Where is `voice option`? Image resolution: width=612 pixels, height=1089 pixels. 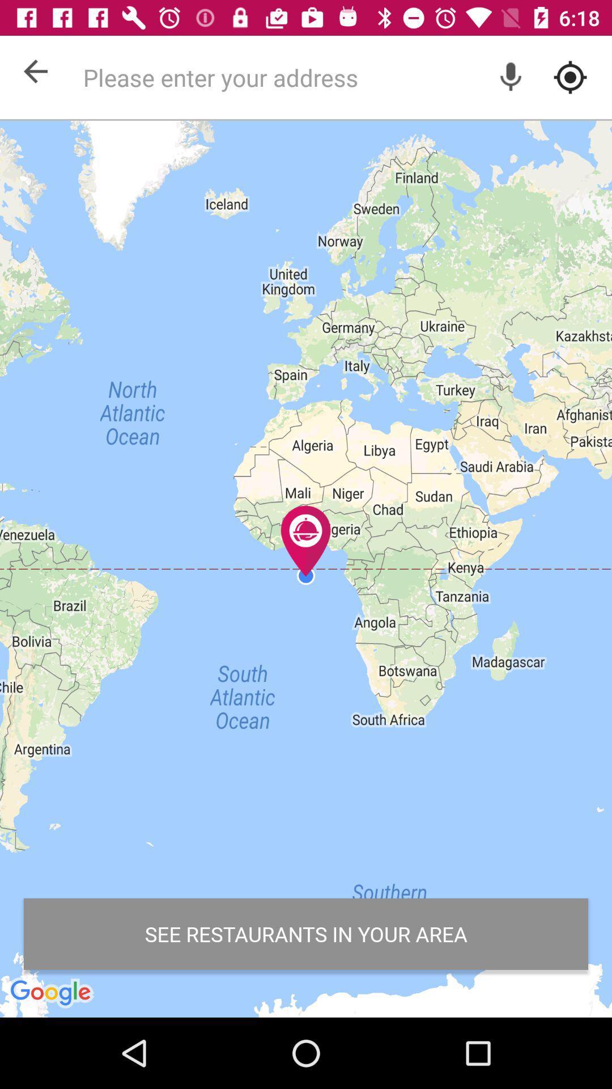 voice option is located at coordinates (511, 77).